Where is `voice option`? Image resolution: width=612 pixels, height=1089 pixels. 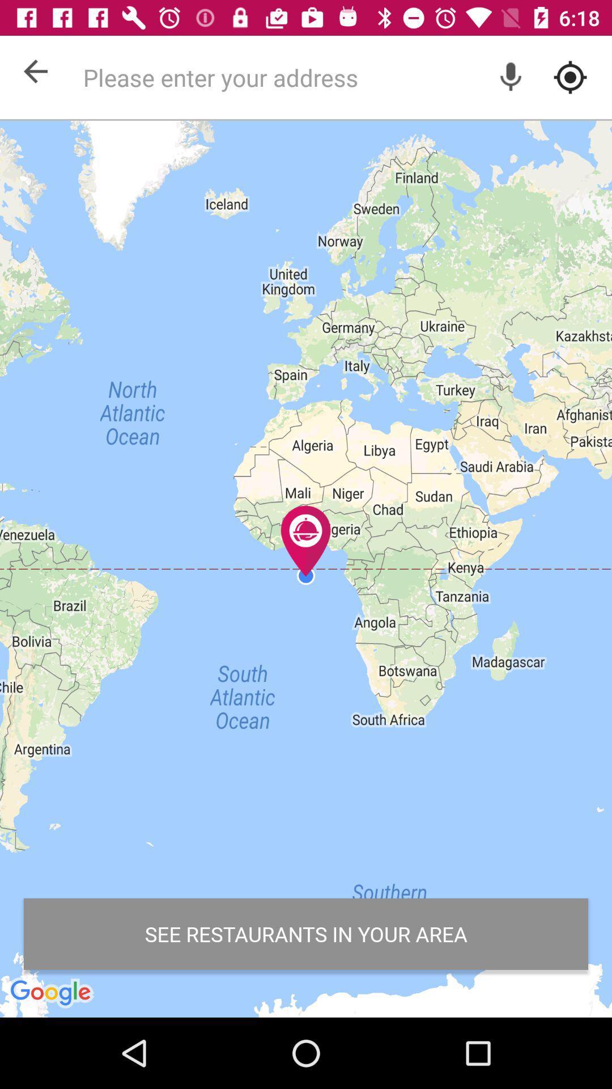 voice option is located at coordinates (511, 77).